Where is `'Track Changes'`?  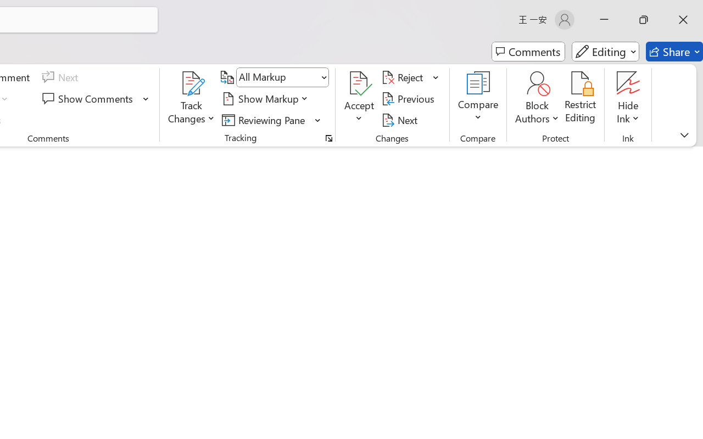 'Track Changes' is located at coordinates (192, 83).